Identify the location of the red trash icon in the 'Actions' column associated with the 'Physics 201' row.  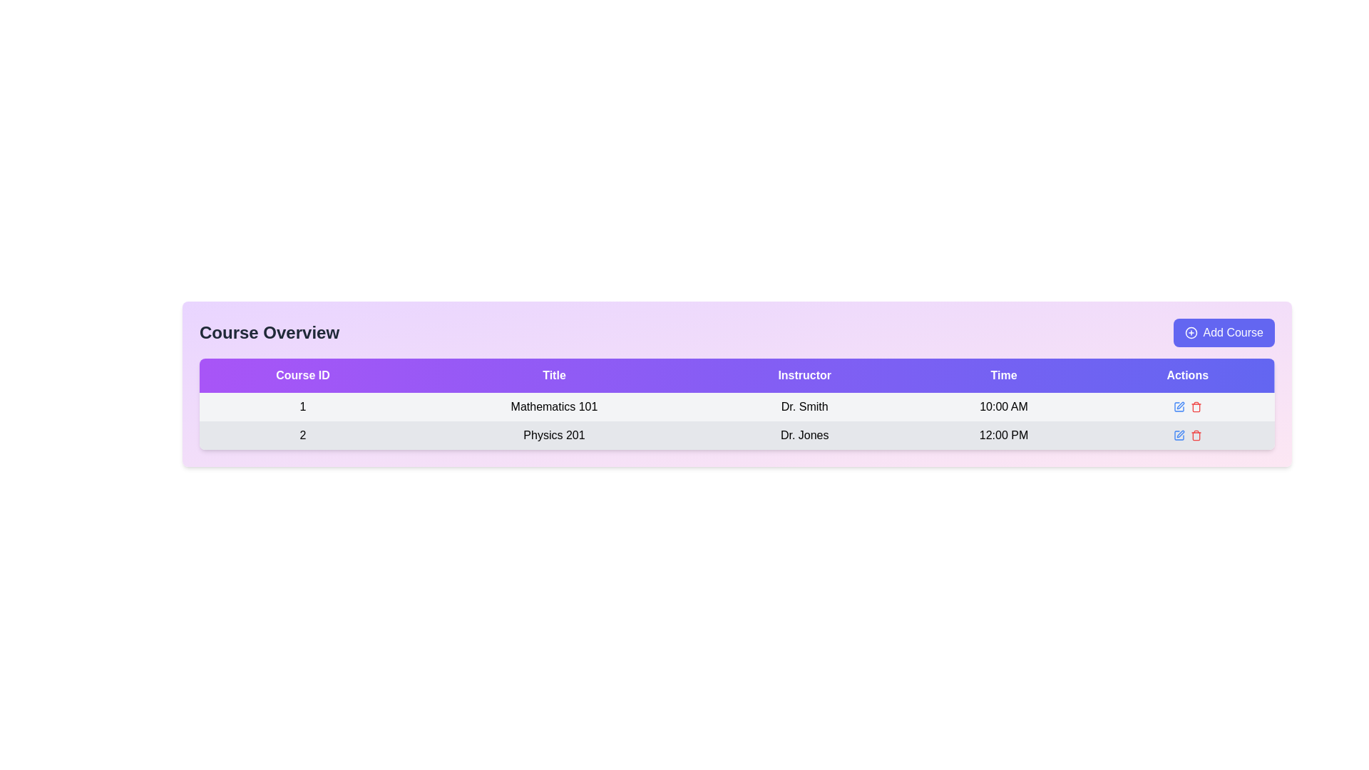
(1195, 406).